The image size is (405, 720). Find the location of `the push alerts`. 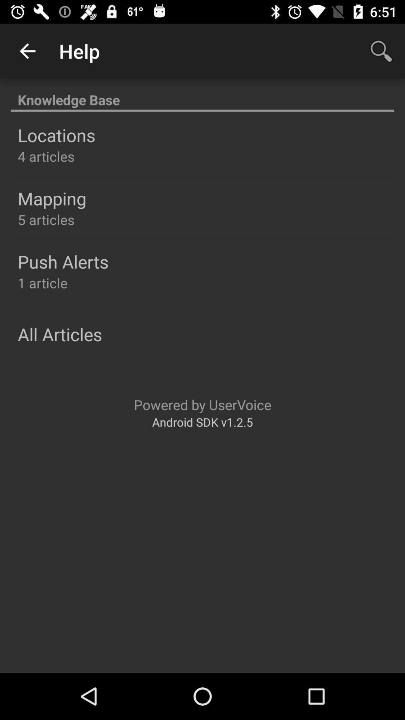

the push alerts is located at coordinates (63, 261).